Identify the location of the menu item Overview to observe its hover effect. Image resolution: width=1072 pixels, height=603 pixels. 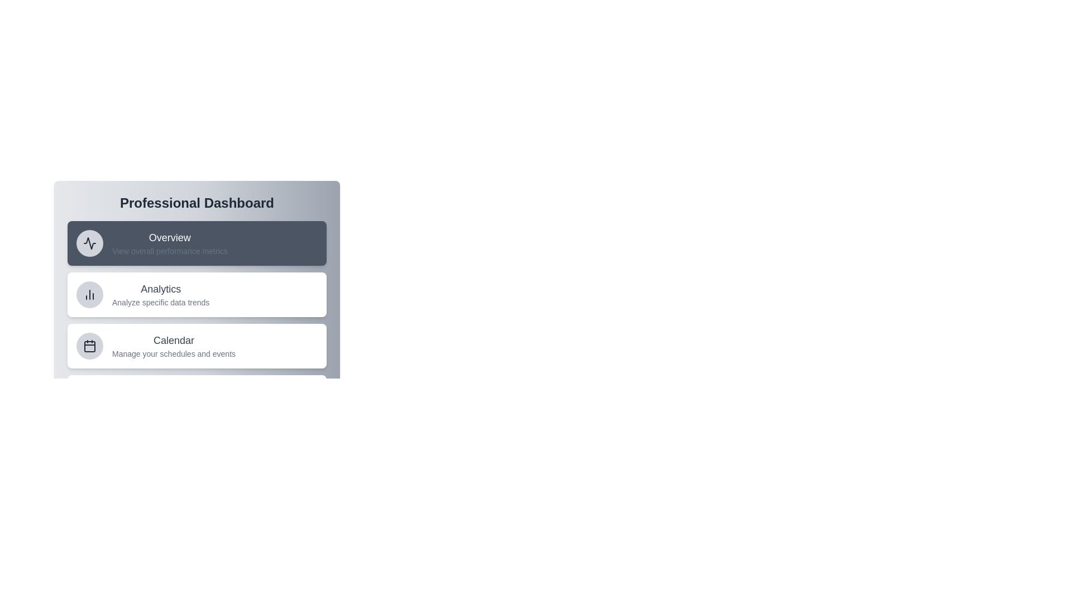
(197, 242).